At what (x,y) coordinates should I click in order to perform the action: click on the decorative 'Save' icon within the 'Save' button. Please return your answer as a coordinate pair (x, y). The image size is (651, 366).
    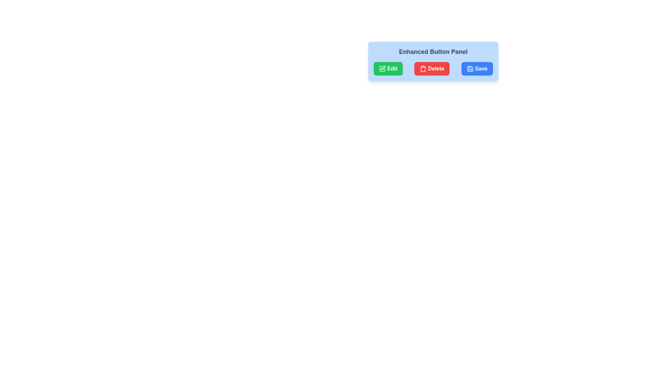
    Looking at the image, I should click on (470, 69).